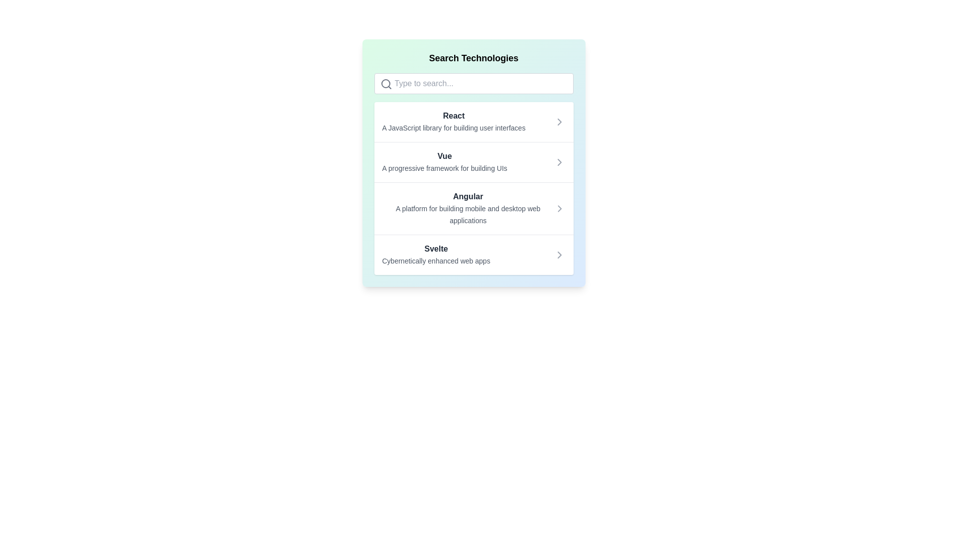  Describe the element at coordinates (473, 122) in the screenshot. I see `the first list item in the navigational menu under the 'Search Technologies' section` at that location.